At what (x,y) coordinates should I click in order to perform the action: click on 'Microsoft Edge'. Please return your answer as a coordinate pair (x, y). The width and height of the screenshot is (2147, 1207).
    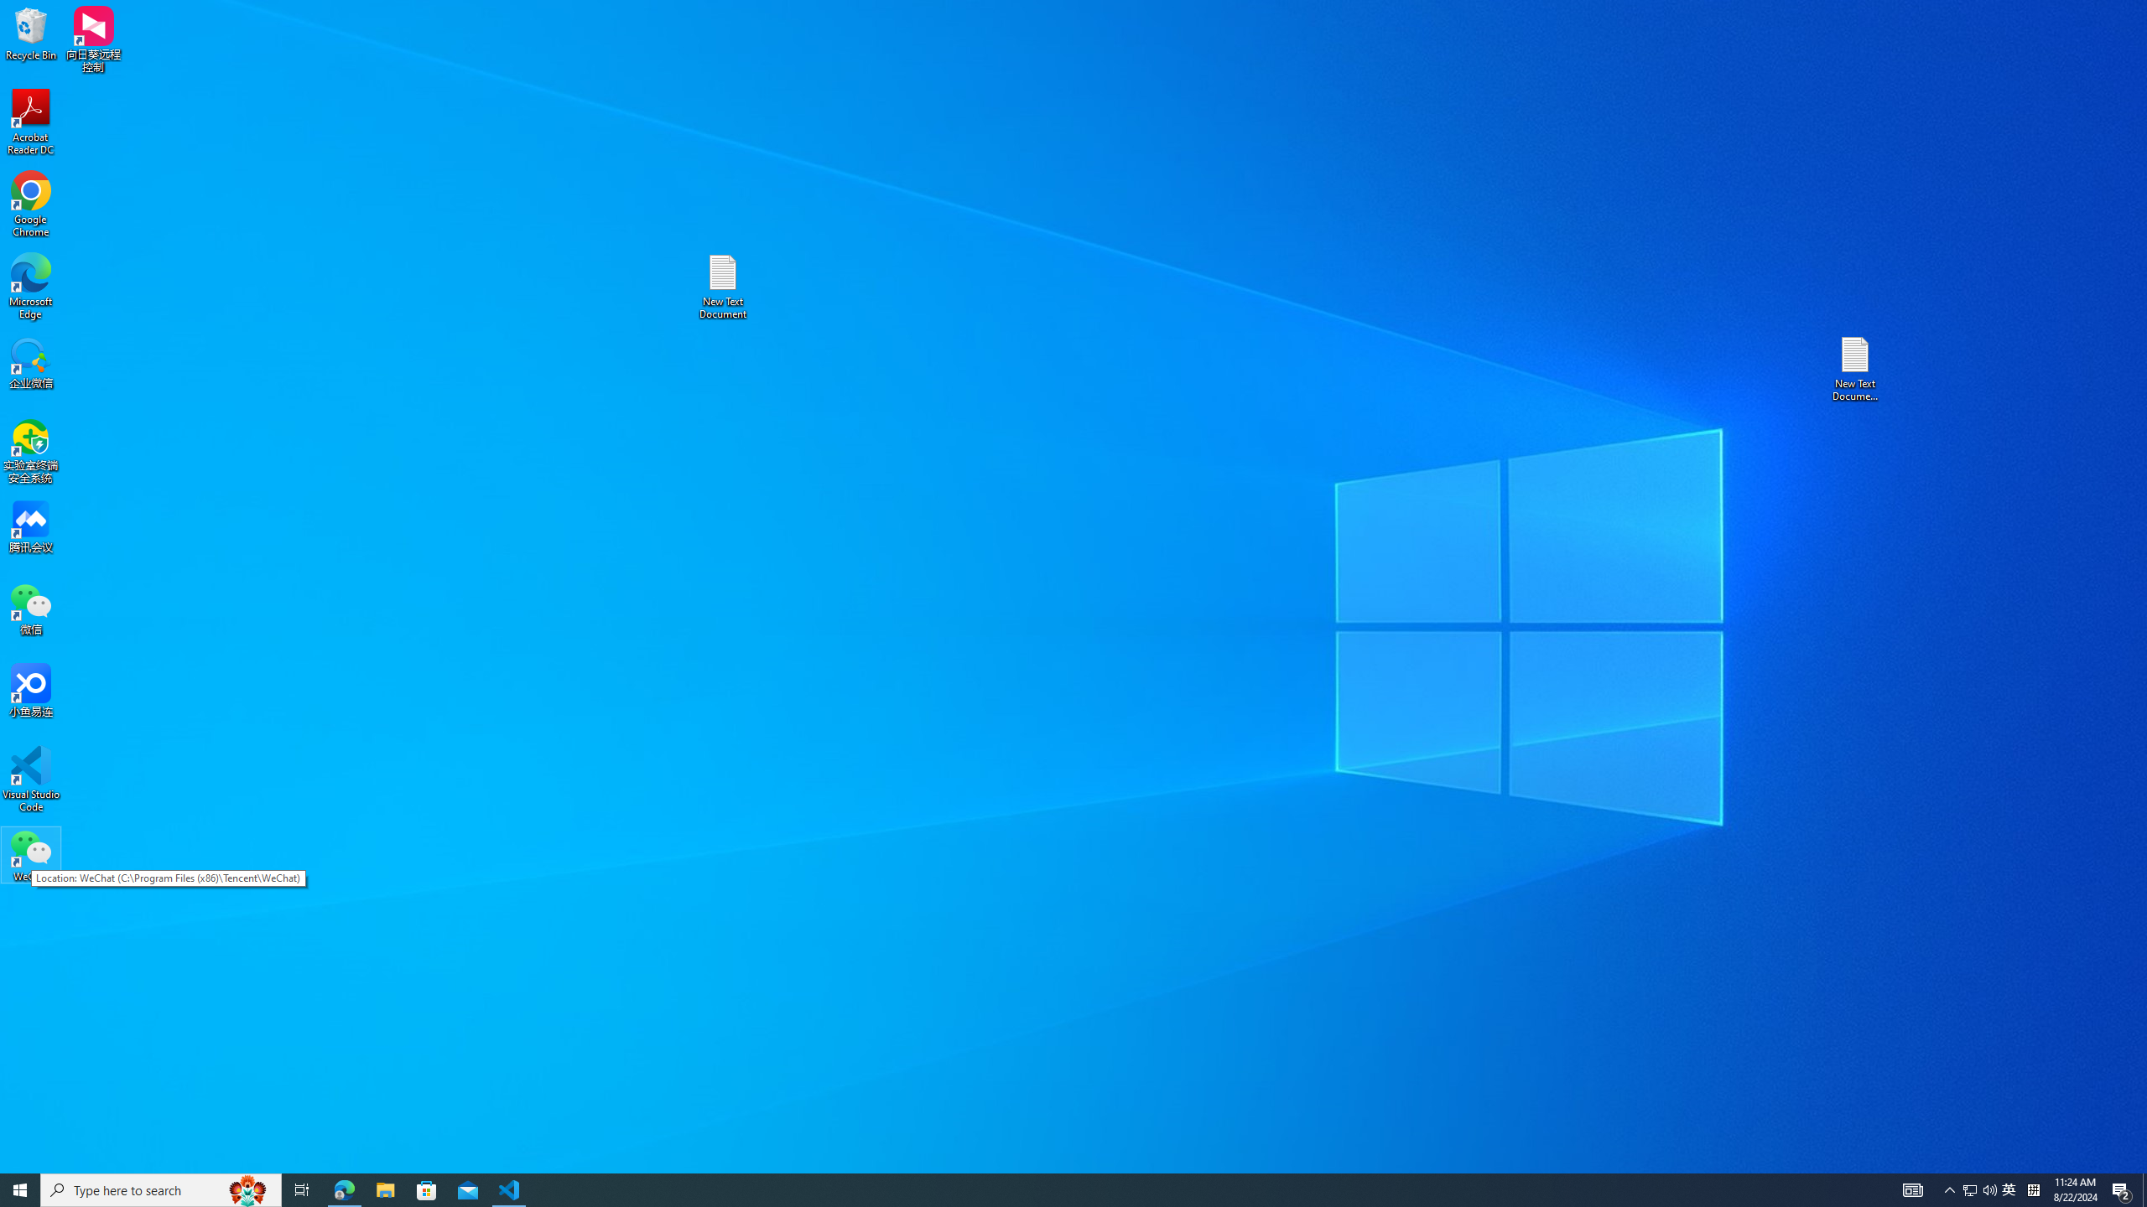
    Looking at the image, I should click on (30, 286).